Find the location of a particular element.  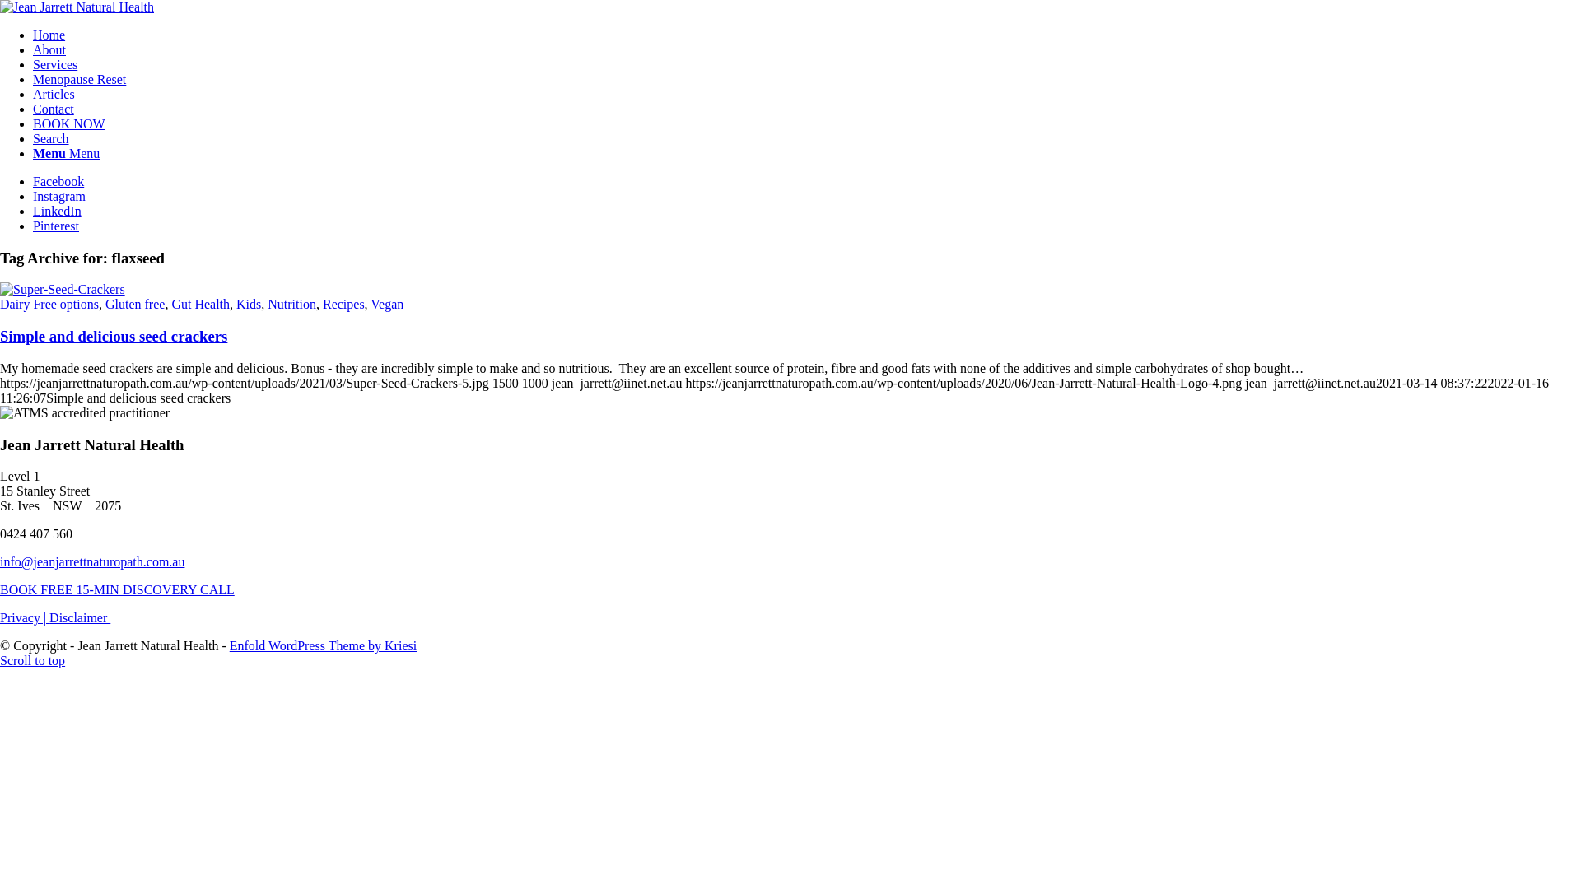

'LinkedIn' is located at coordinates (57, 210).